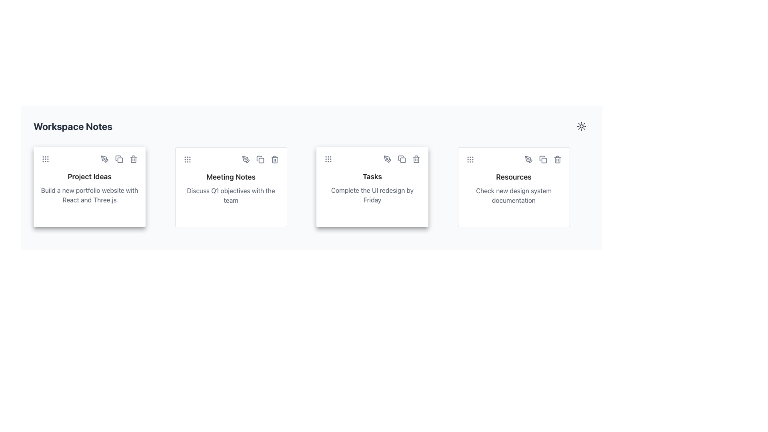 The width and height of the screenshot is (768, 432). I want to click on the 'Meeting Notes' text label, which is styled in bold and centrally aligned within the second card of a horizontally aligned group of four cards, so click(230, 177).